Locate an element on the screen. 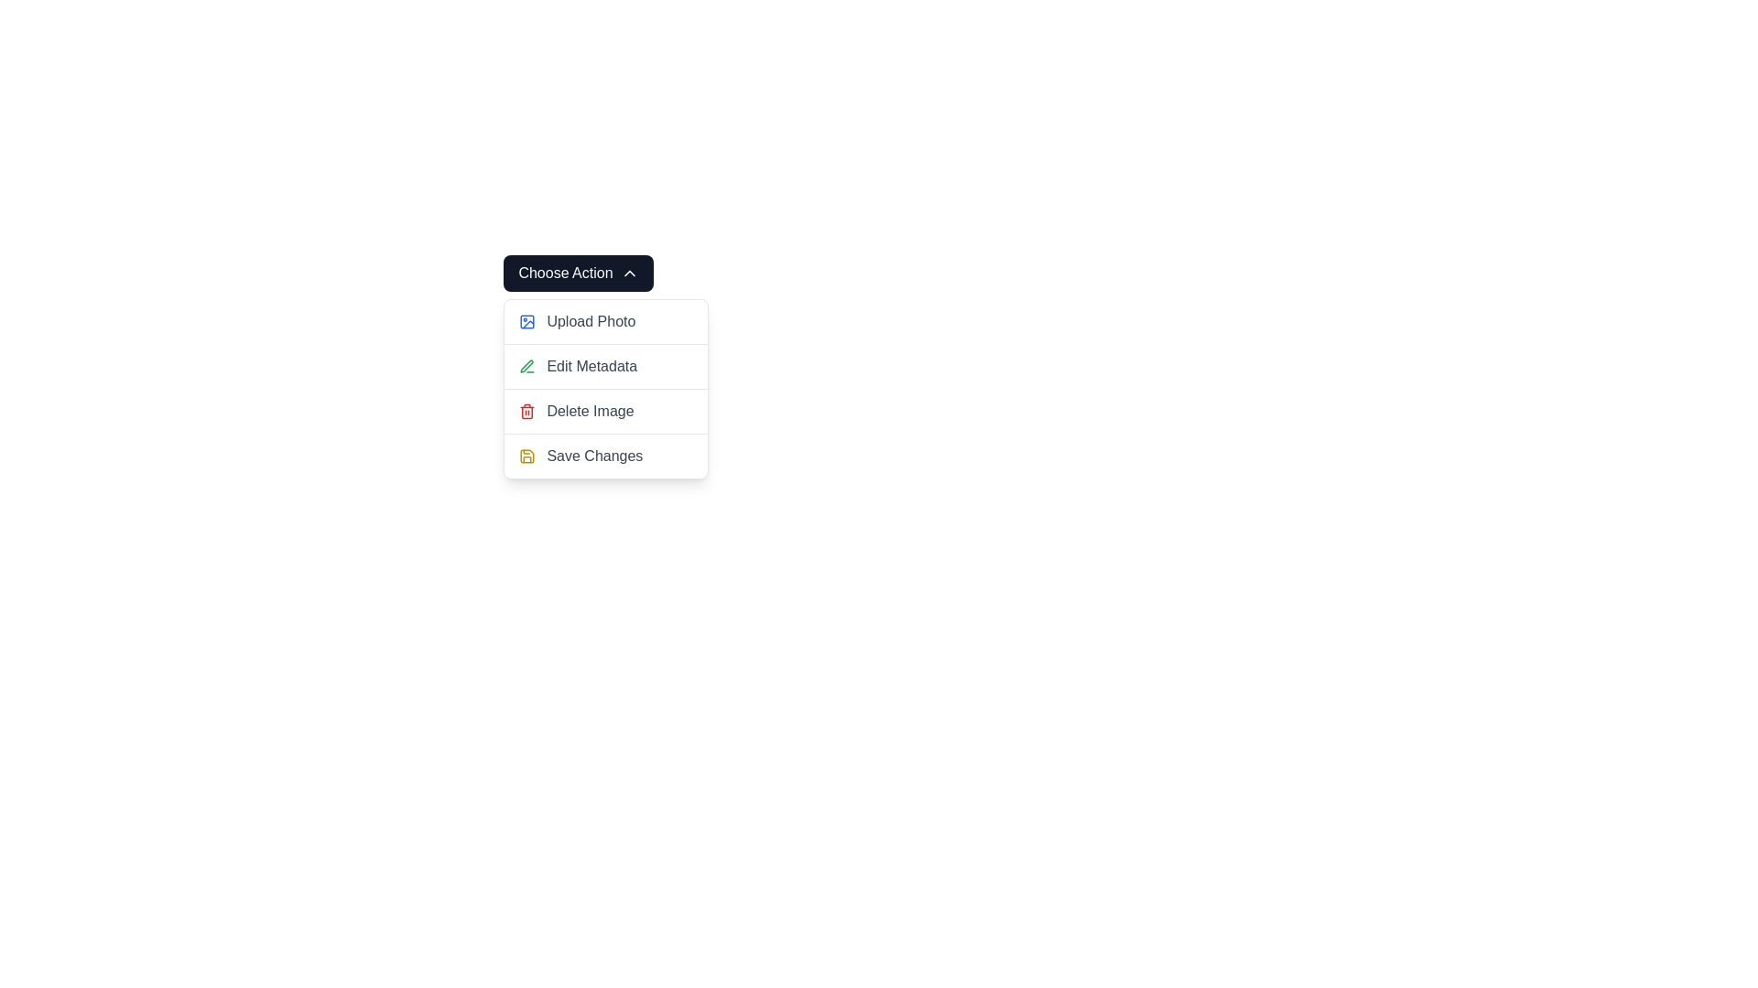  the text label located in the second row of a vertically stacked menu list, immediately to the right of a green pen icon is located at coordinates (591, 367).